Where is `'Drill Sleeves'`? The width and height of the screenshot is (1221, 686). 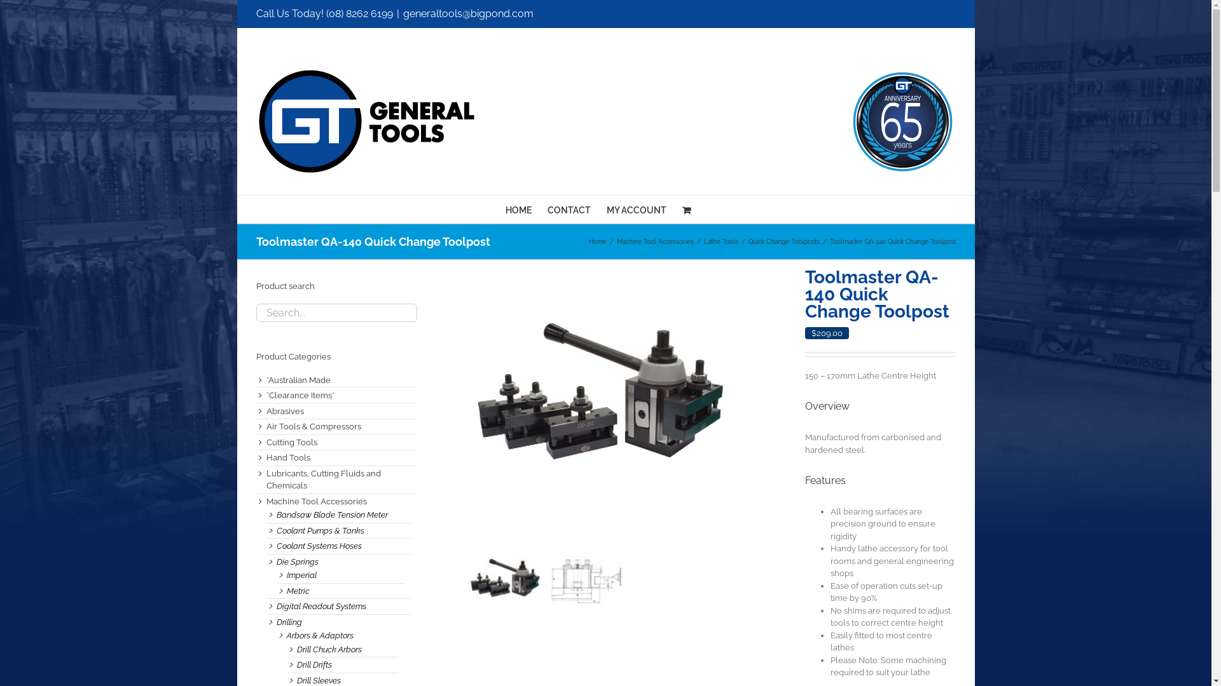 'Drill Sleeves' is located at coordinates (318, 680).